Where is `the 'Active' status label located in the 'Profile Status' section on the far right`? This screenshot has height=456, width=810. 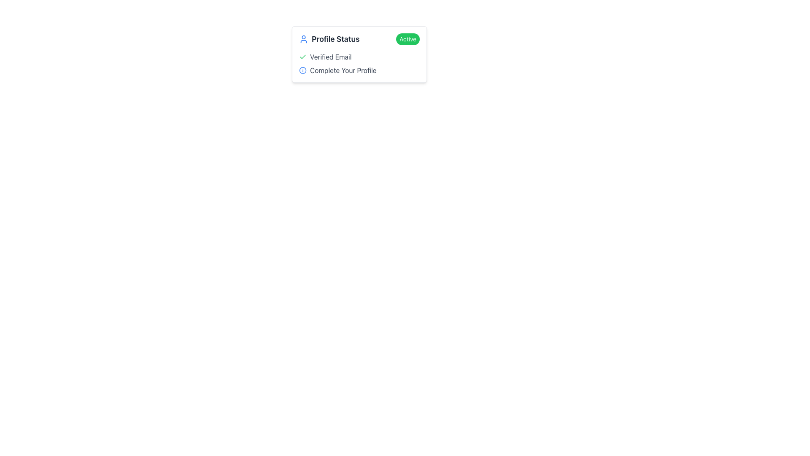
the 'Active' status label located in the 'Profile Status' section on the far right is located at coordinates (408, 39).